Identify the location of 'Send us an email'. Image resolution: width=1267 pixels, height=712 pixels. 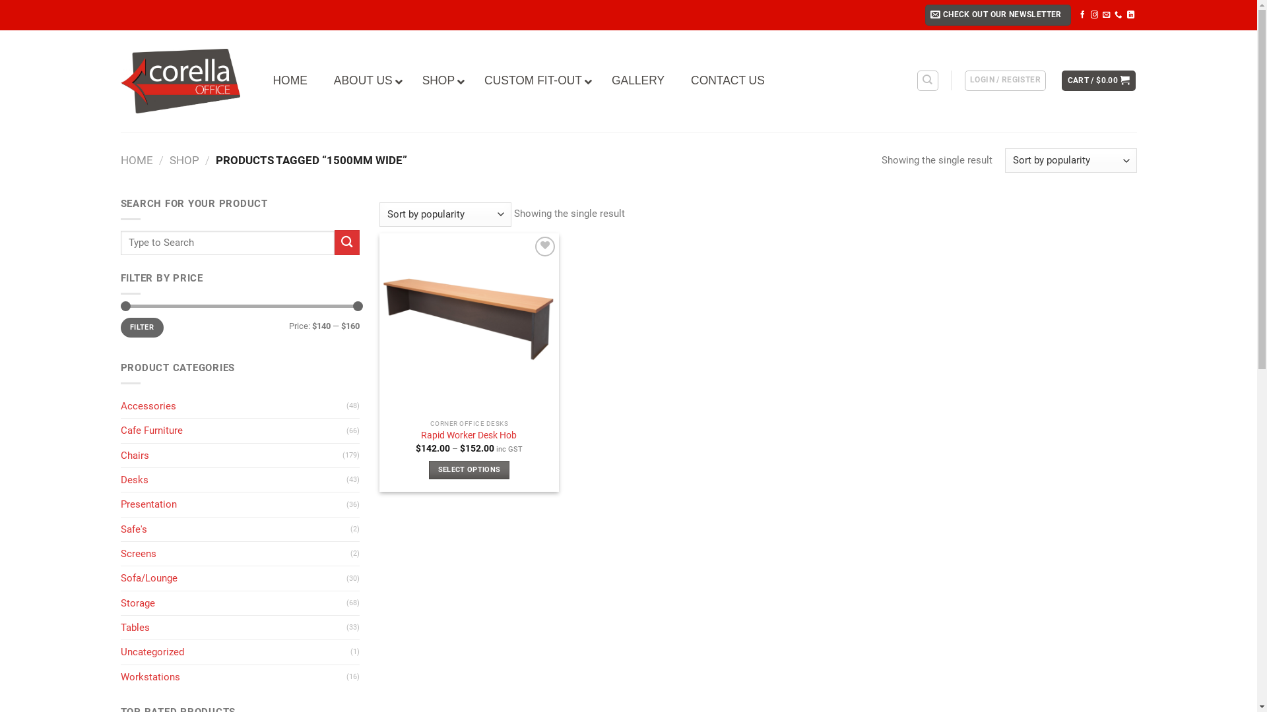
(1106, 15).